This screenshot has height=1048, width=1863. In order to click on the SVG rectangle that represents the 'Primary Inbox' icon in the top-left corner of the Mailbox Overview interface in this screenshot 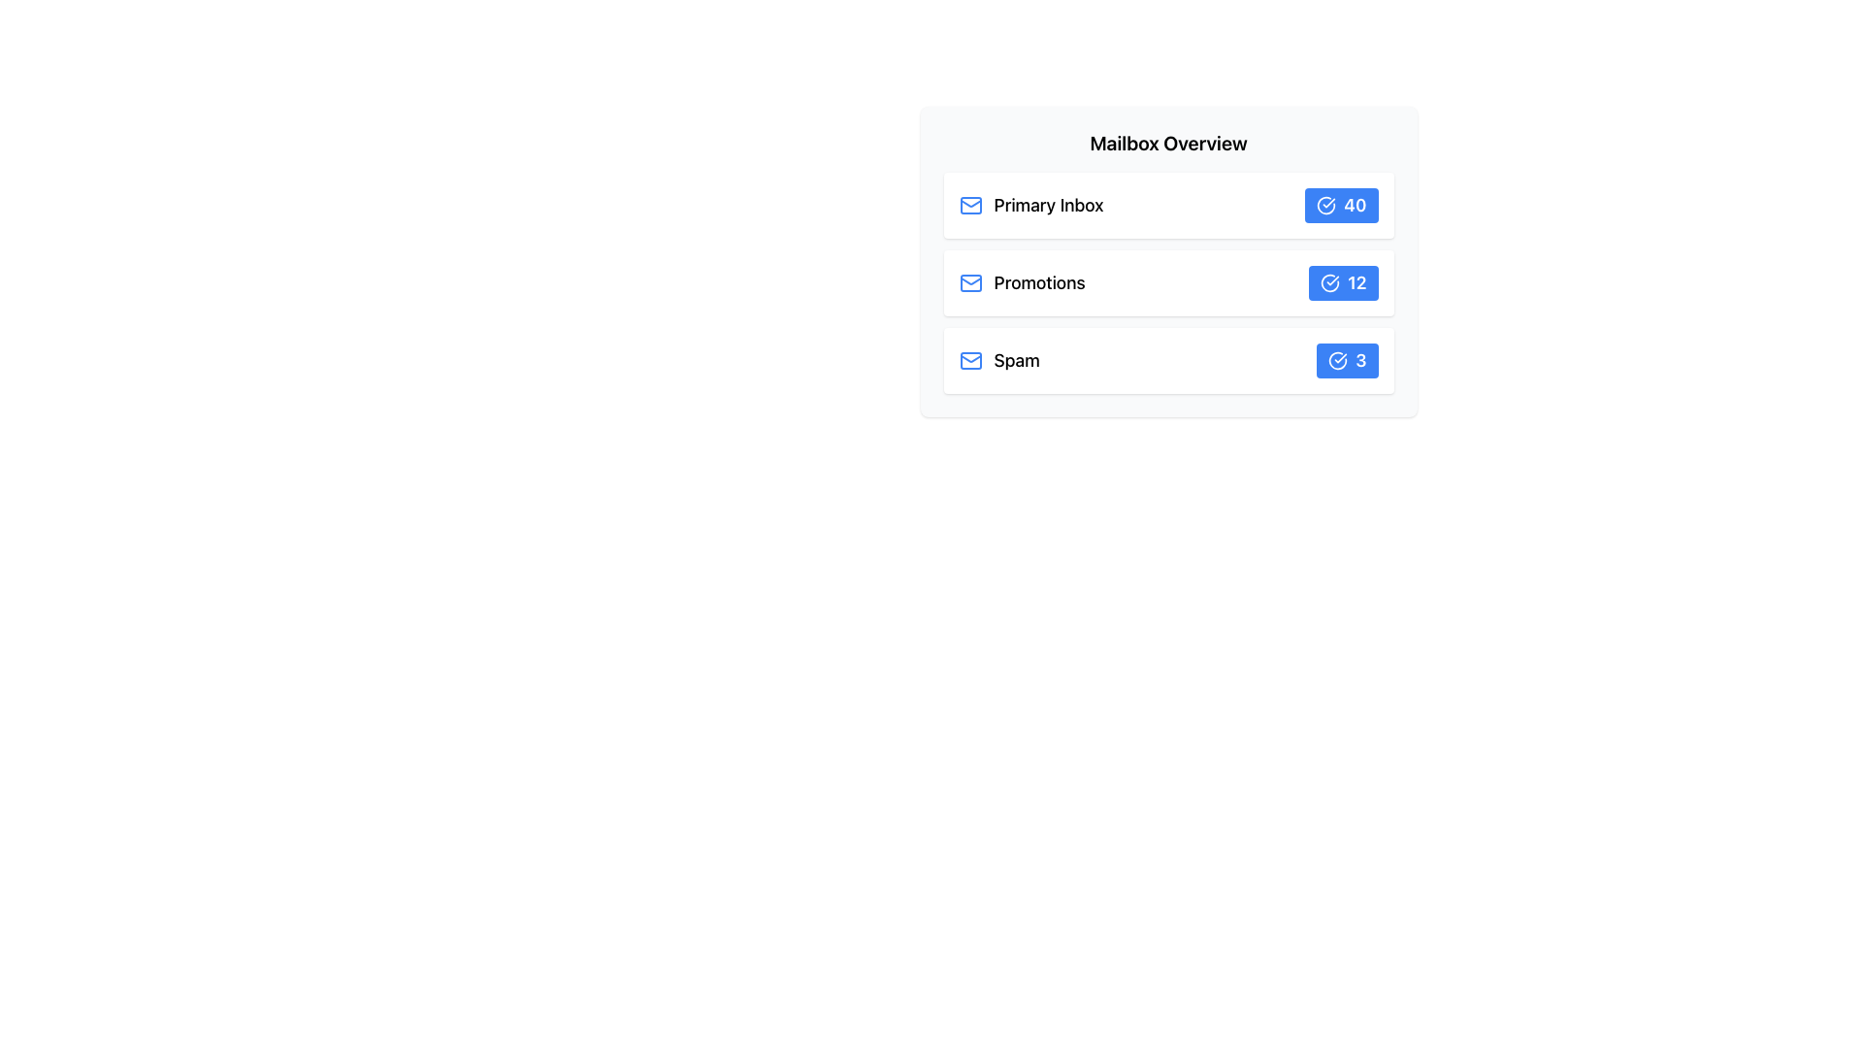, I will do `click(970, 206)`.